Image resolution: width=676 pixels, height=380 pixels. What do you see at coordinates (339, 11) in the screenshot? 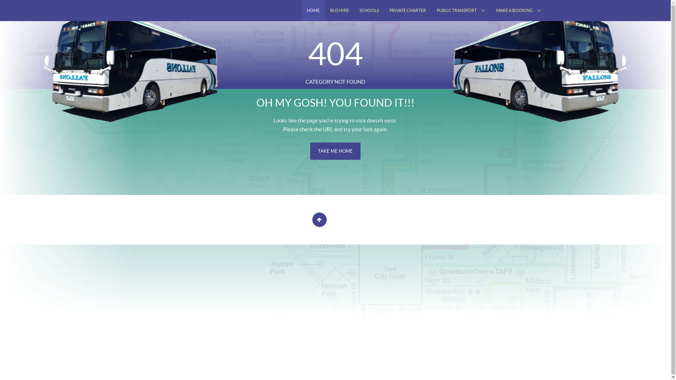
I see `'BUS HIRE'` at bounding box center [339, 11].